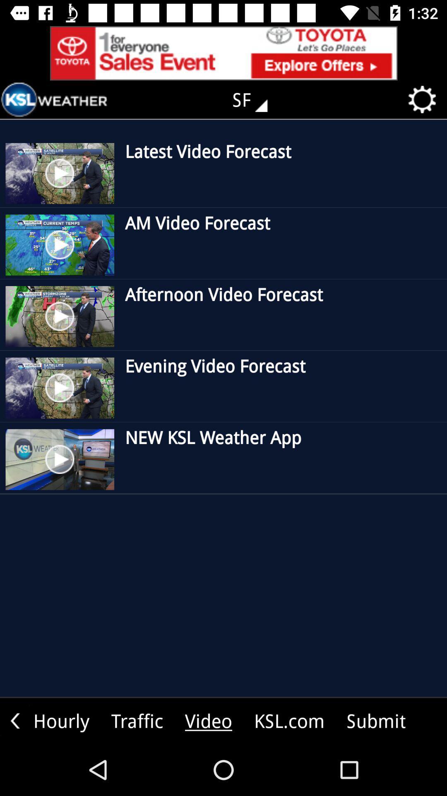 The width and height of the screenshot is (447, 796). What do you see at coordinates (223, 53) in the screenshot?
I see `explore advertisement` at bounding box center [223, 53].